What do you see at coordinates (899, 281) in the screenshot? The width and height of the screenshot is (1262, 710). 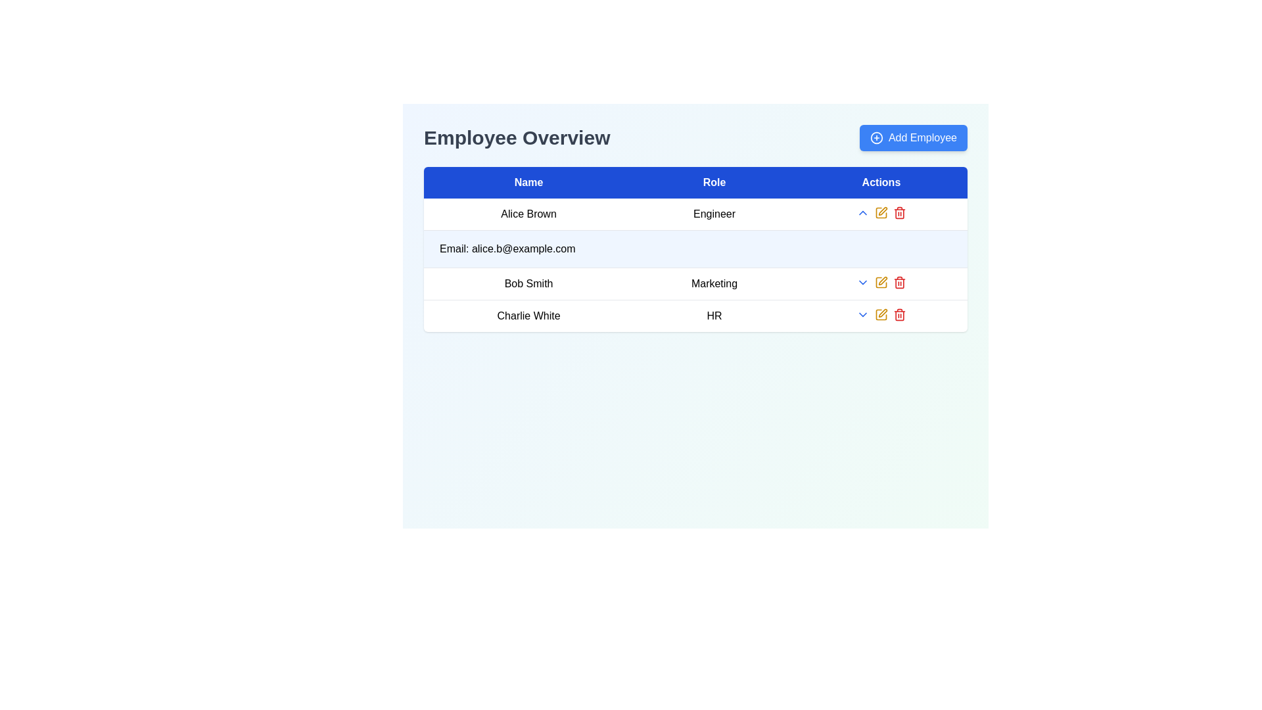 I see `the red trash bin icon located in the 'Actions' column of the second row to observe its color change` at bounding box center [899, 281].